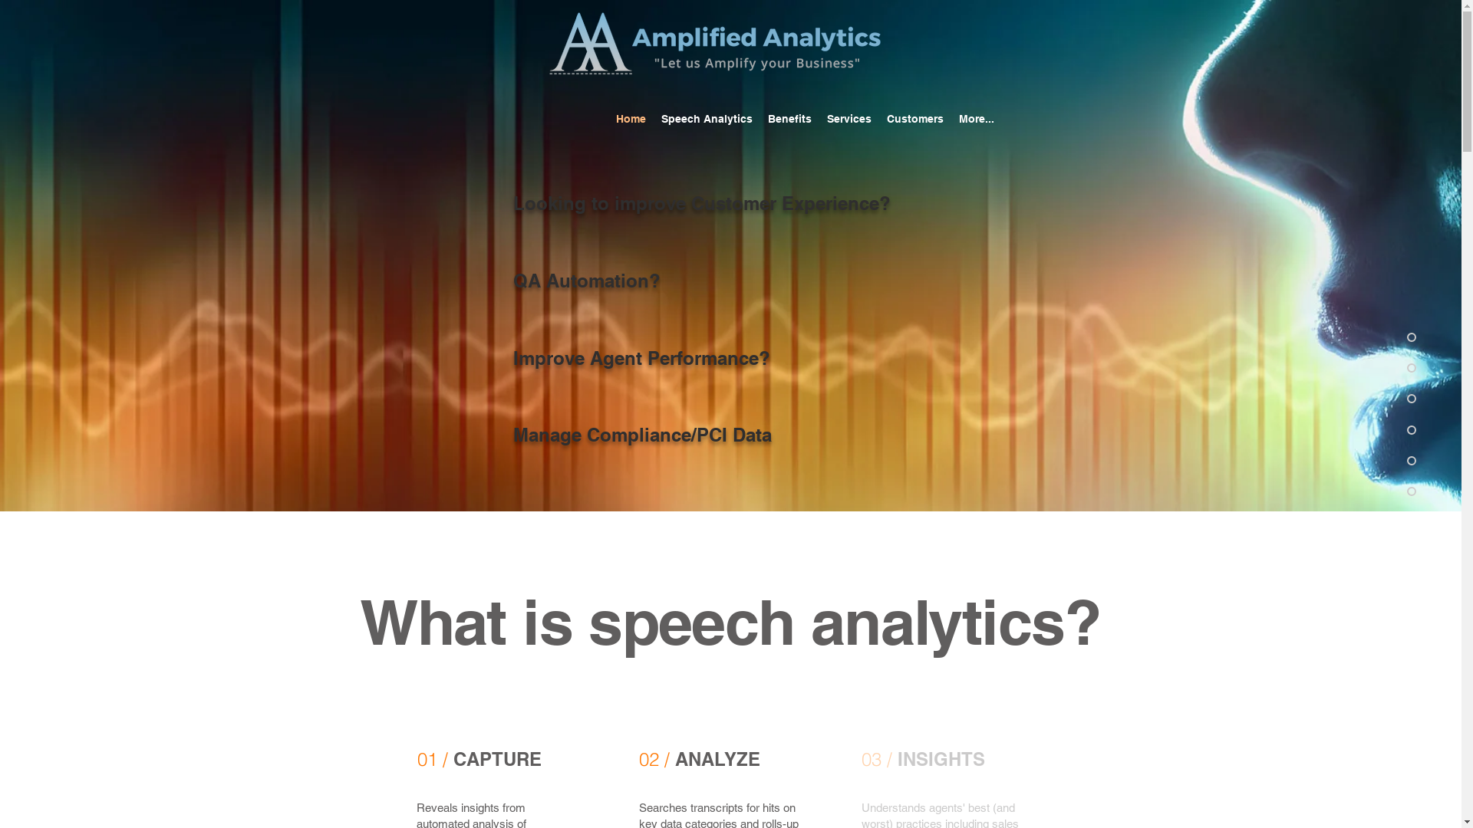 The height and width of the screenshot is (828, 1473). Describe the element at coordinates (819, 117) in the screenshot. I see `'Services'` at that location.